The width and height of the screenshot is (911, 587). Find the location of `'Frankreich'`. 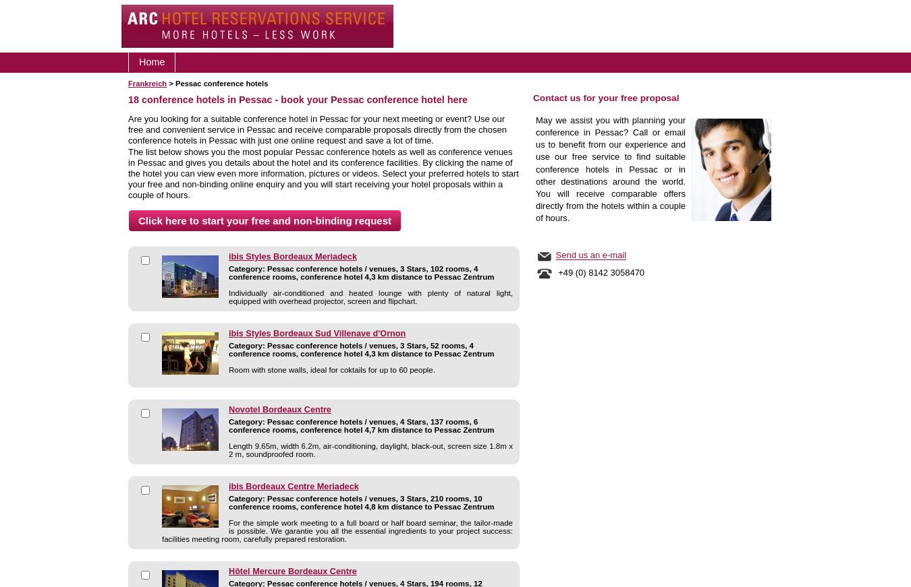

'Frankreich' is located at coordinates (147, 83).